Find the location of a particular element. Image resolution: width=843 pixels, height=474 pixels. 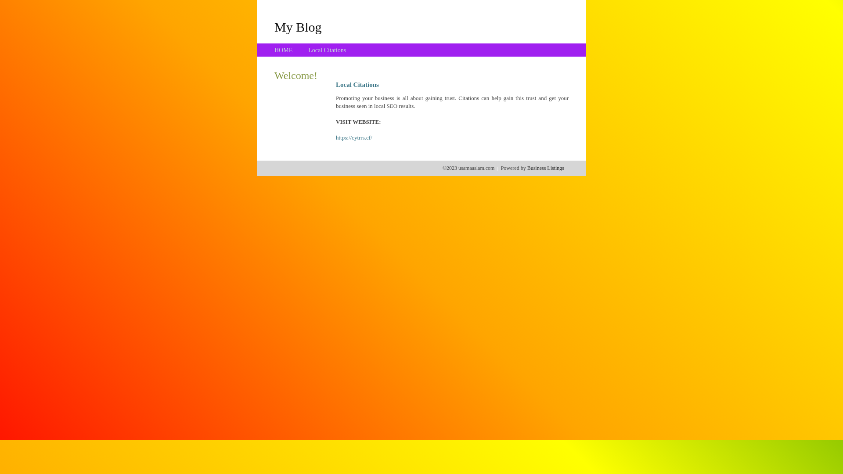

'HOME' is located at coordinates (283, 50).